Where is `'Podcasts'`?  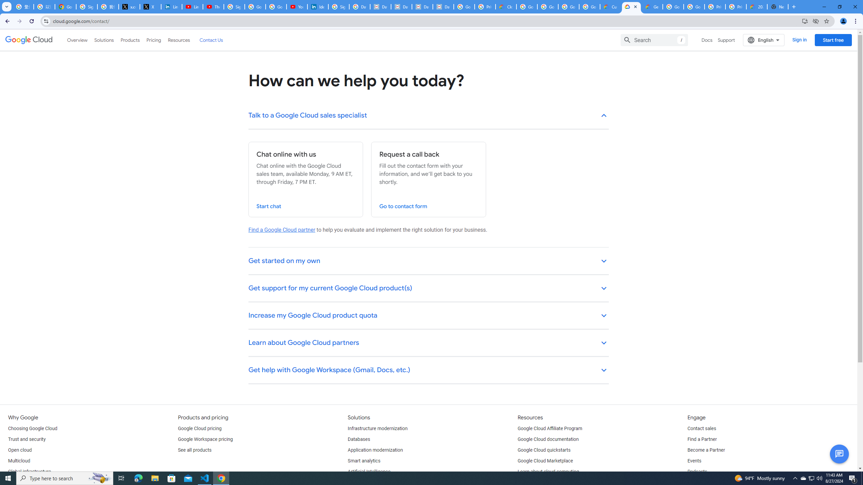 'Podcasts' is located at coordinates (697, 472).